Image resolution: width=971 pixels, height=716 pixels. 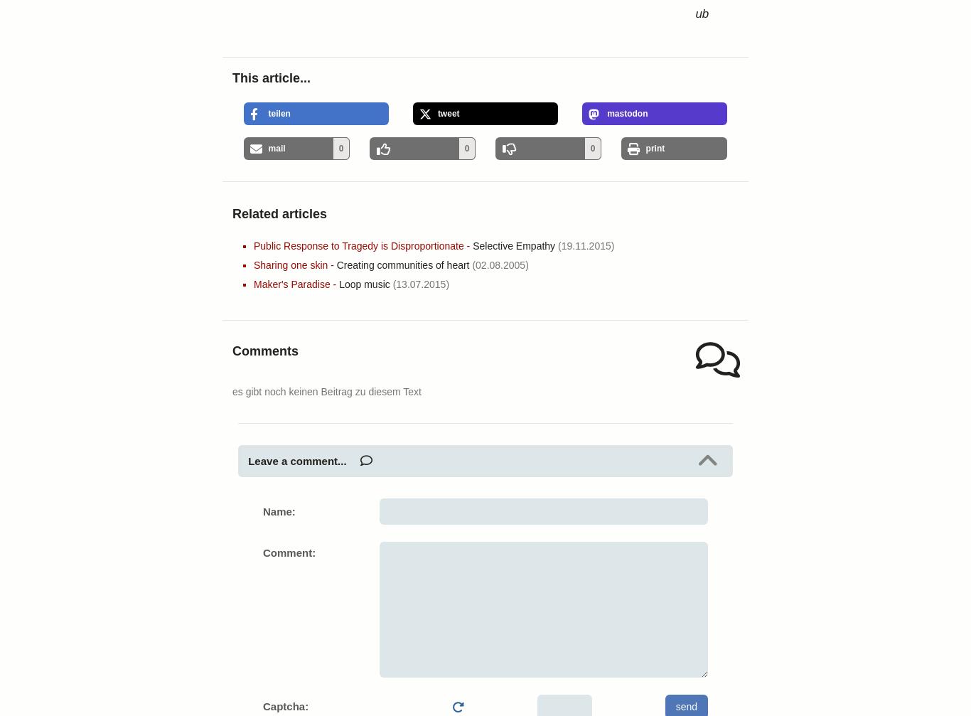 I want to click on 'Captcha:', so click(x=284, y=705).